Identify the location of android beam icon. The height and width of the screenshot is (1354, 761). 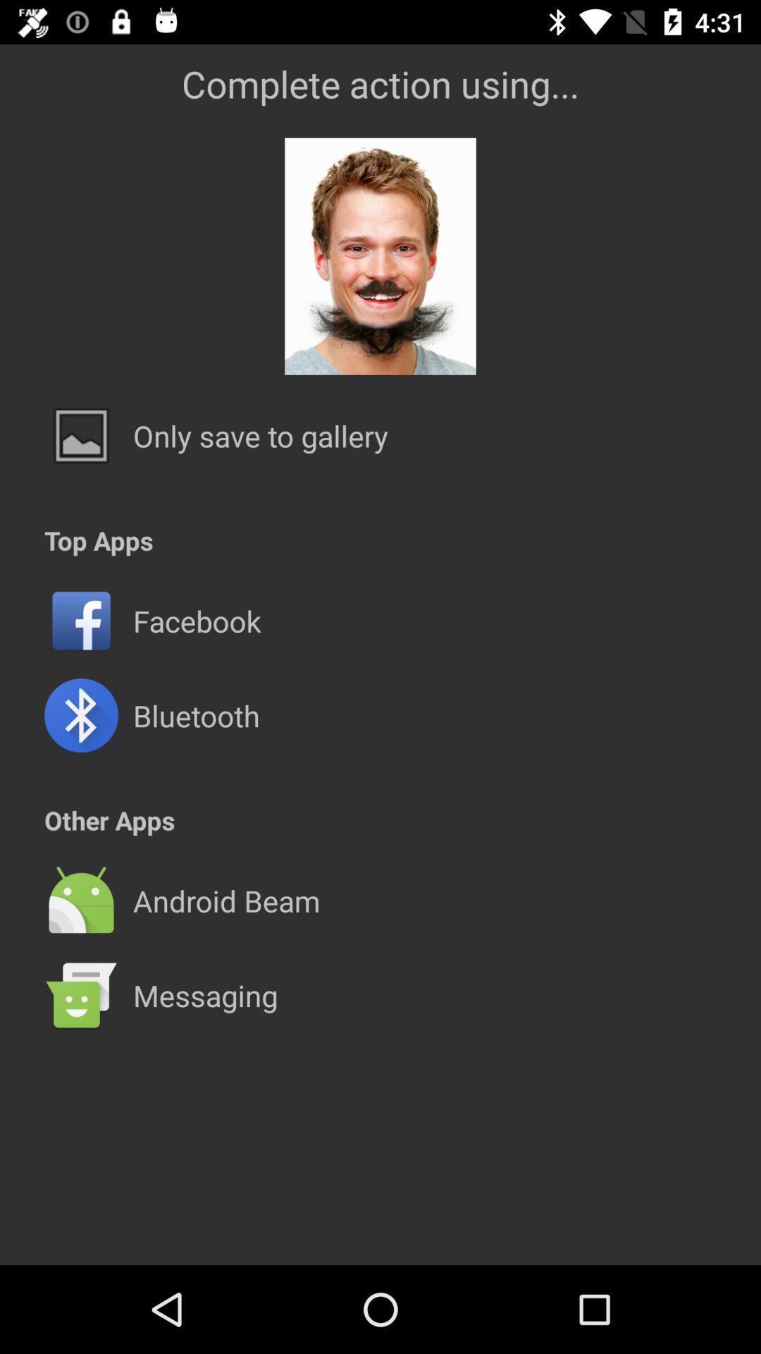
(225, 900).